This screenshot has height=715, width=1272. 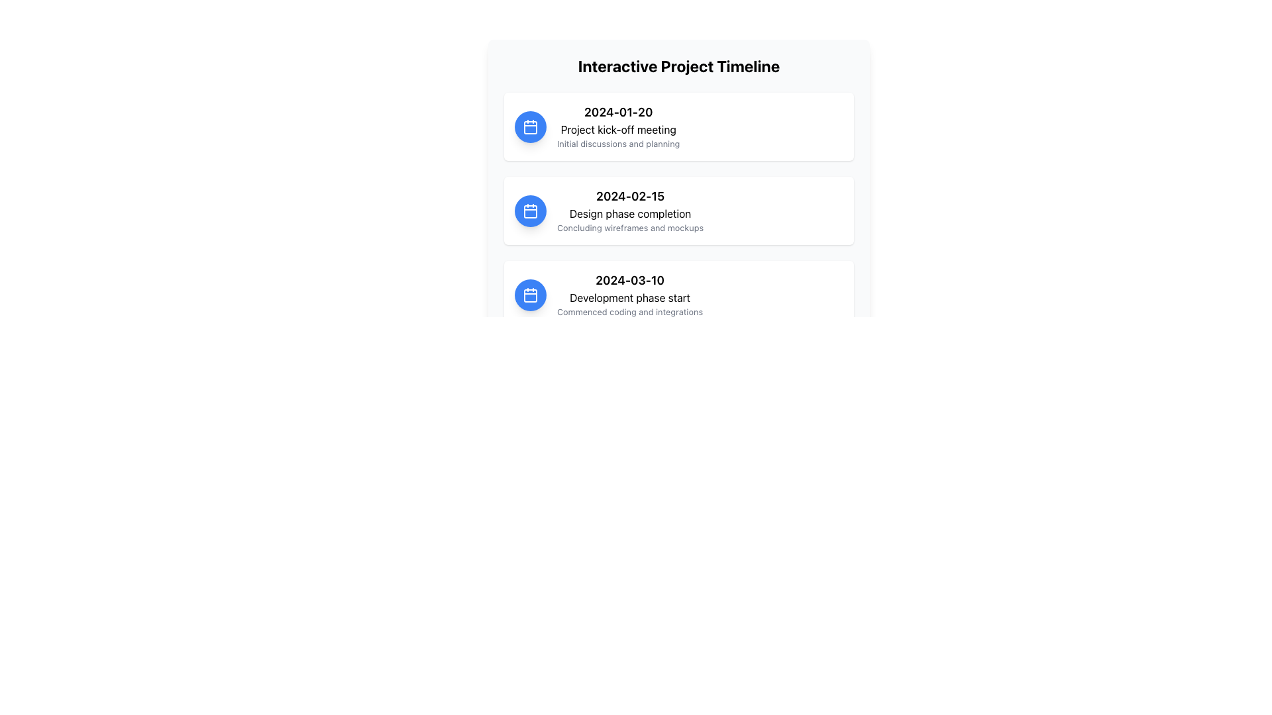 I want to click on the bold text label displaying 'Project kick-off meeting', which is positioned under the date '2024-01-20' and above the description 'Initial discussions and planning', so click(x=617, y=130).